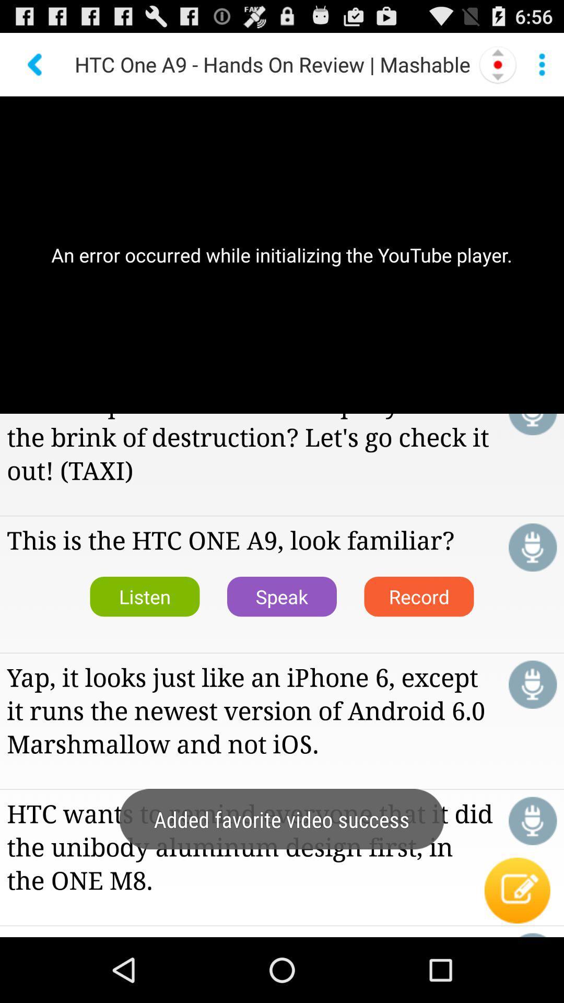 The image size is (564, 1003). I want to click on record button, so click(533, 547).